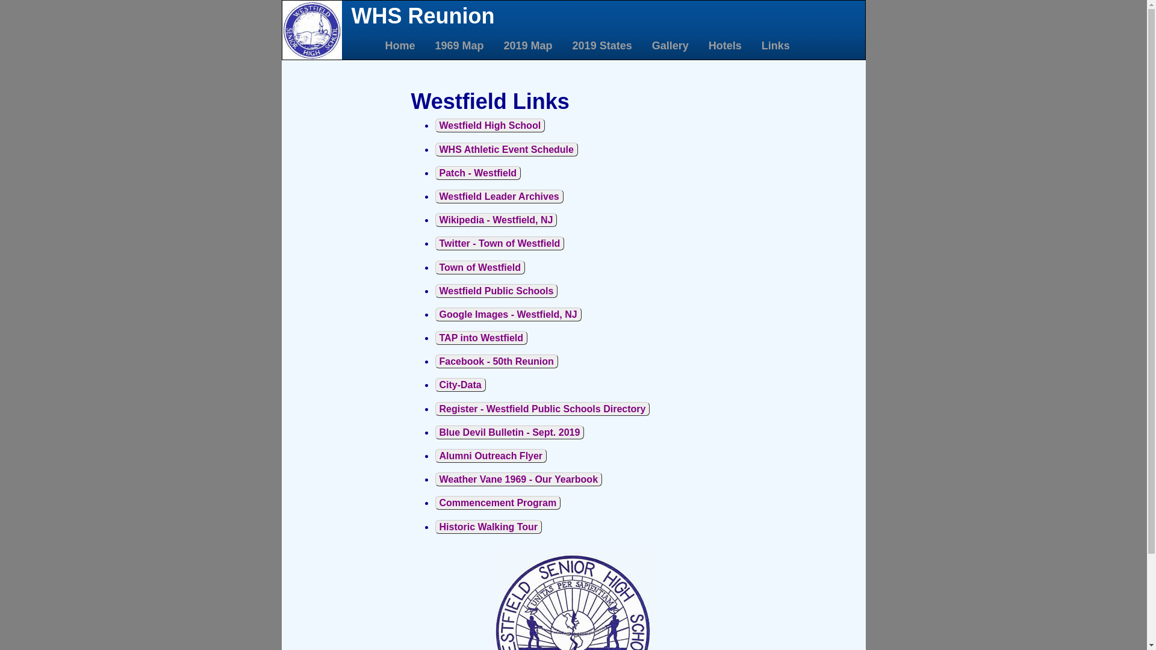 The width and height of the screenshot is (1156, 650). What do you see at coordinates (488, 526) in the screenshot?
I see `'Historic Walking Tour'` at bounding box center [488, 526].